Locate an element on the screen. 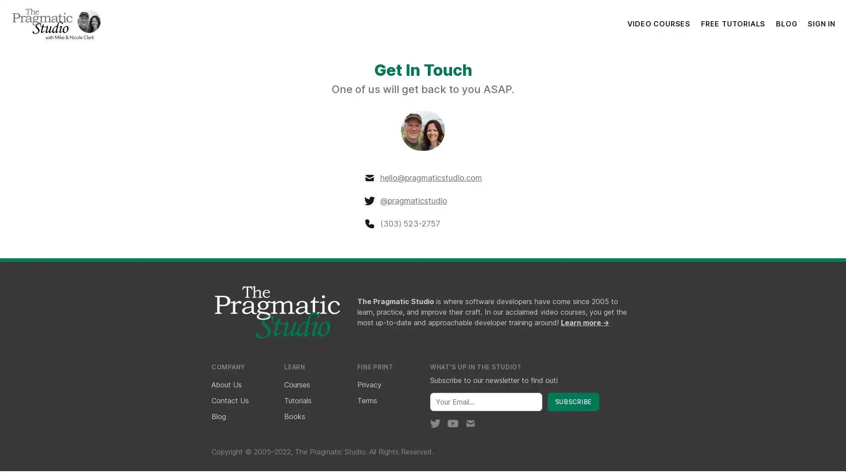  SUBSCRIBE is located at coordinates (573, 401).